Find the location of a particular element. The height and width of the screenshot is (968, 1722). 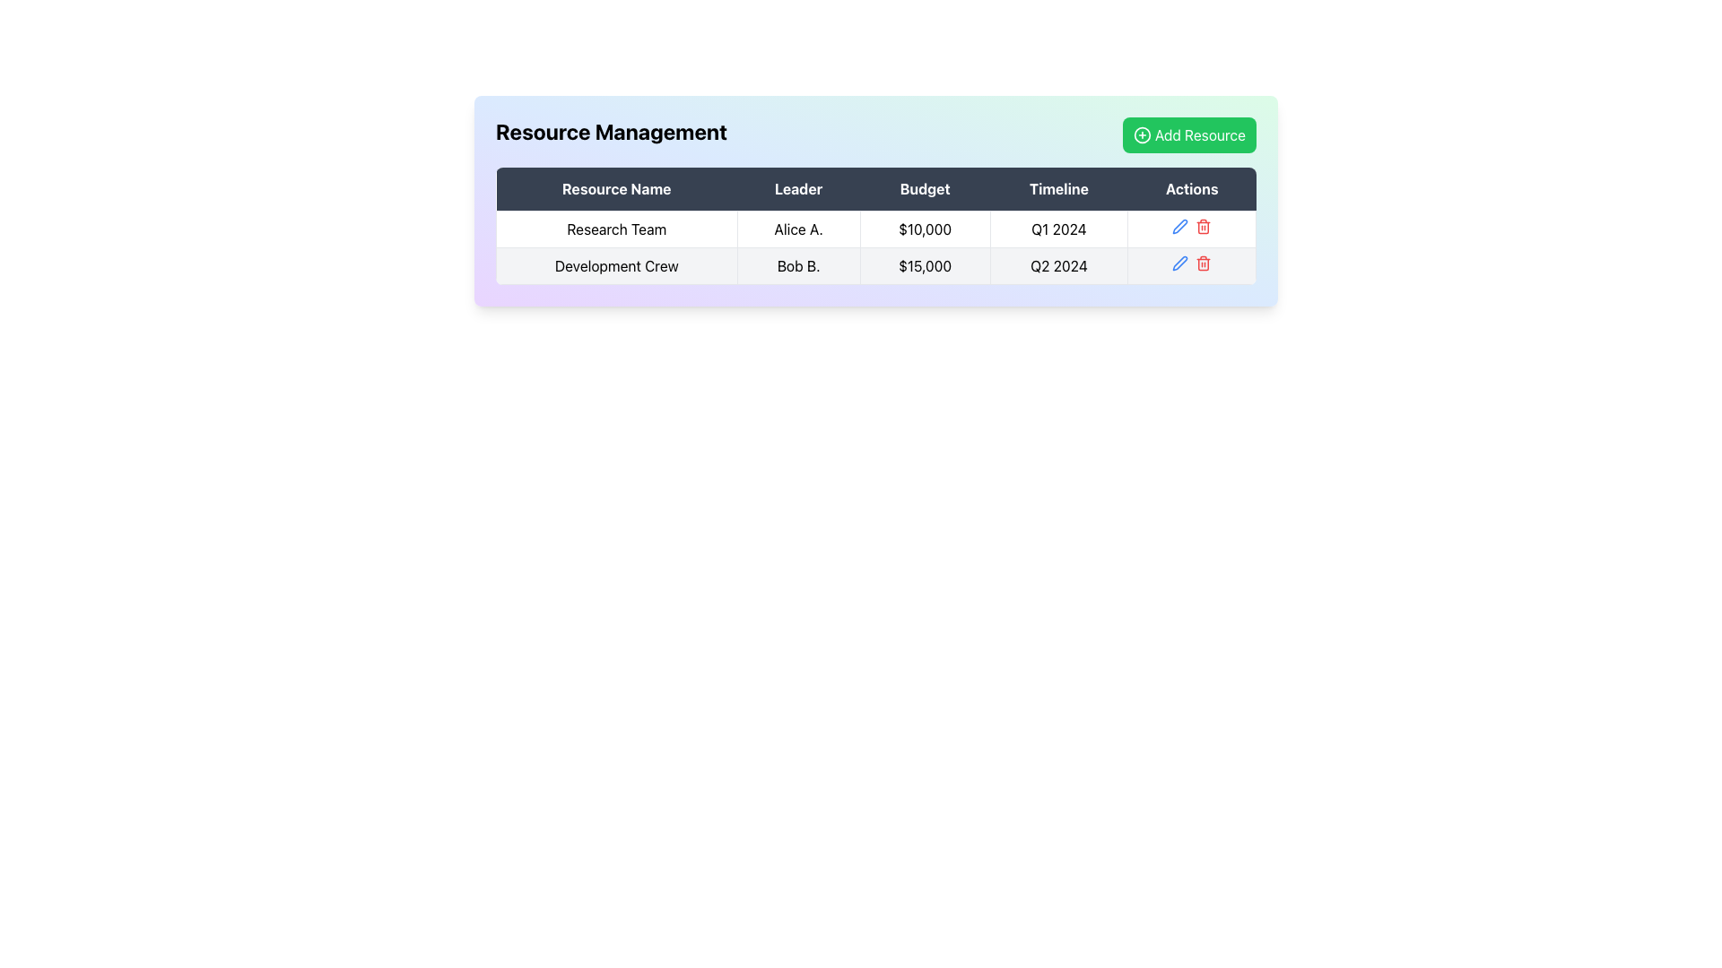

text 'Q1 2024' from the table cell located in the 'Timeline' column of the first row, which has a black text color on a white background and is centered within its cell is located at coordinates (1058, 228).